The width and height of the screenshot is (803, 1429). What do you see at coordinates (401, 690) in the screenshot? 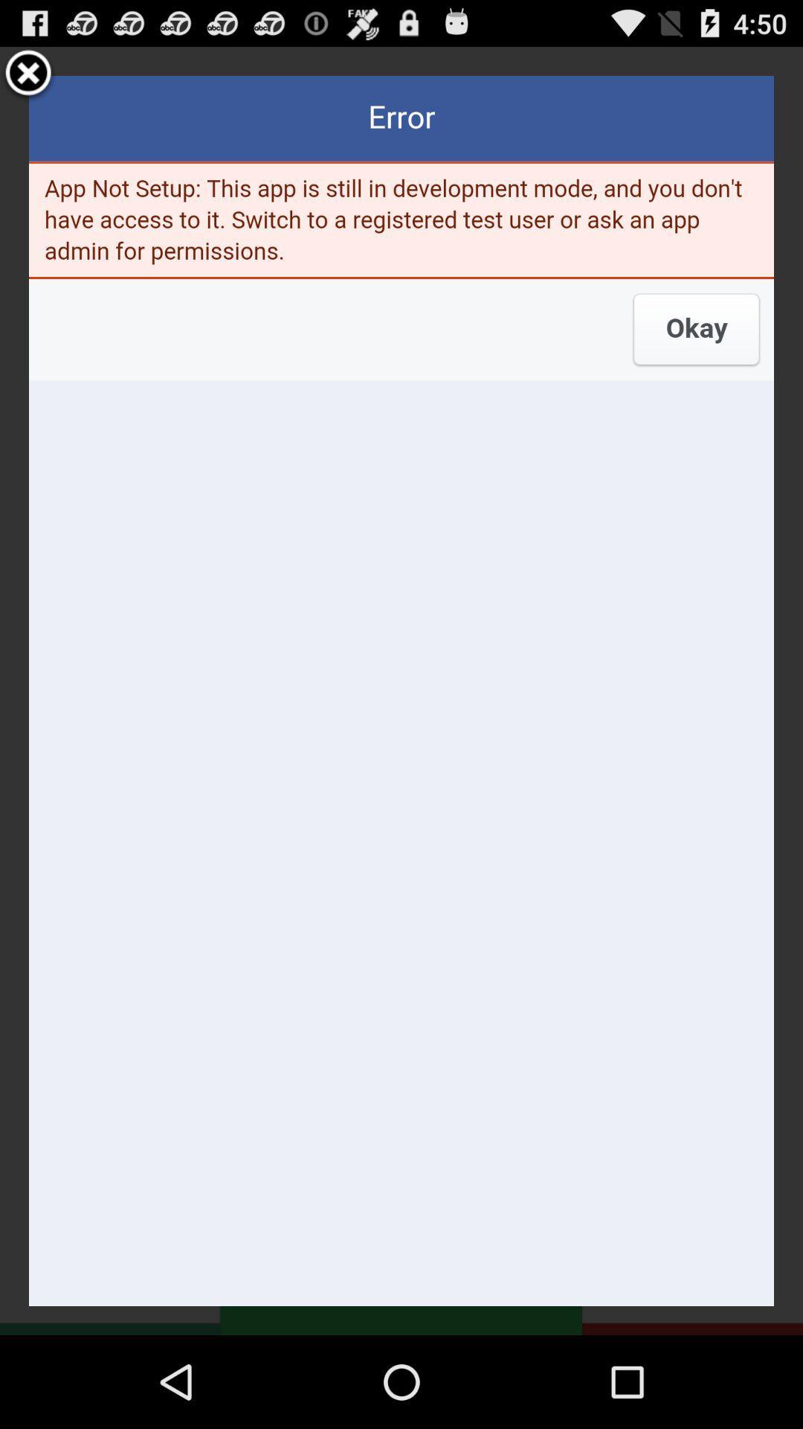
I see `error` at bounding box center [401, 690].